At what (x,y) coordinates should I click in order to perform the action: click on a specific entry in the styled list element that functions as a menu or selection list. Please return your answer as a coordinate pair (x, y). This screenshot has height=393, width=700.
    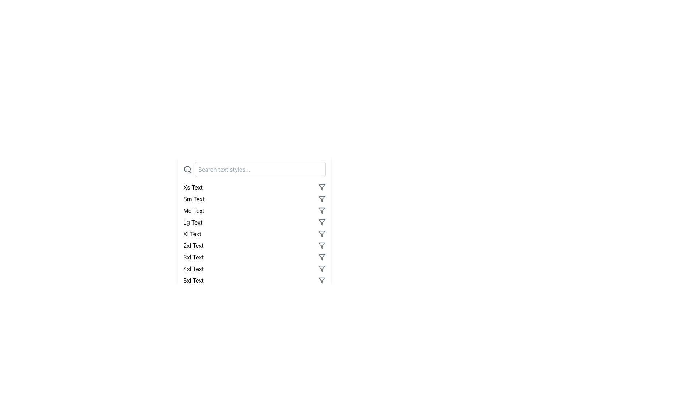
    Looking at the image, I should click on (254, 246).